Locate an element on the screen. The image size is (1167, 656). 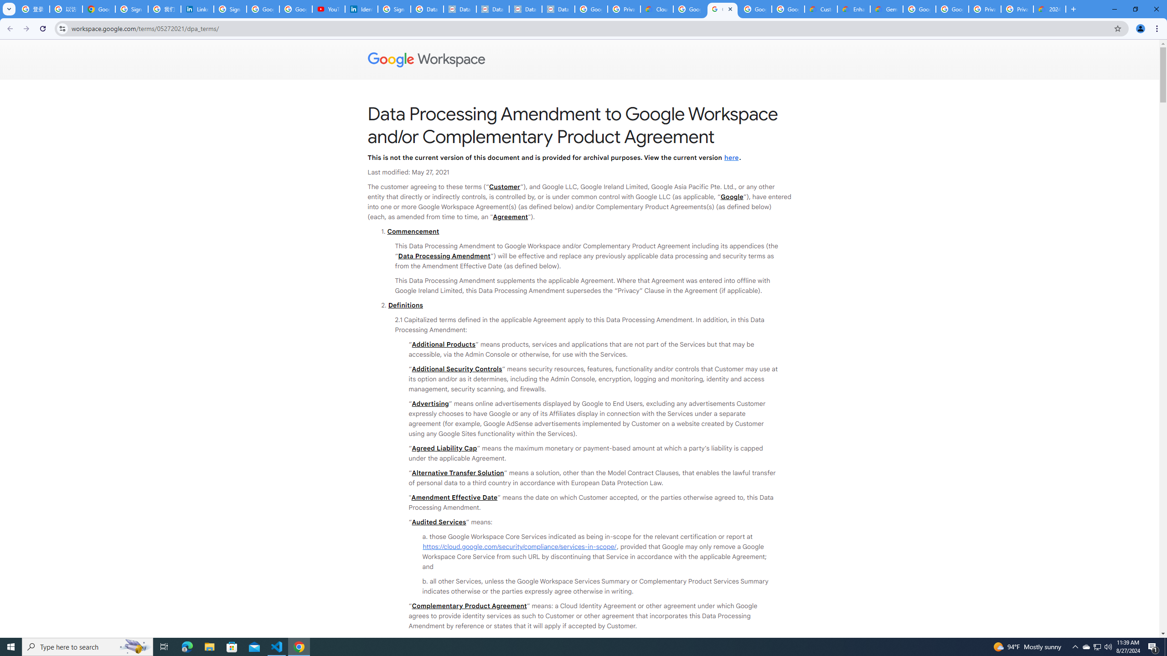
'Enhanced Support | Google Cloud' is located at coordinates (853, 9).